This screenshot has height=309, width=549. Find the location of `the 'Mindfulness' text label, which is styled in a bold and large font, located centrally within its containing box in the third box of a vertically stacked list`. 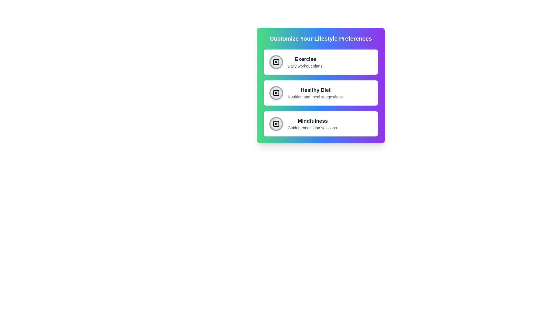

the 'Mindfulness' text label, which is styled in a bold and large font, located centrally within its containing box in the third box of a vertically stacked list is located at coordinates (313, 121).